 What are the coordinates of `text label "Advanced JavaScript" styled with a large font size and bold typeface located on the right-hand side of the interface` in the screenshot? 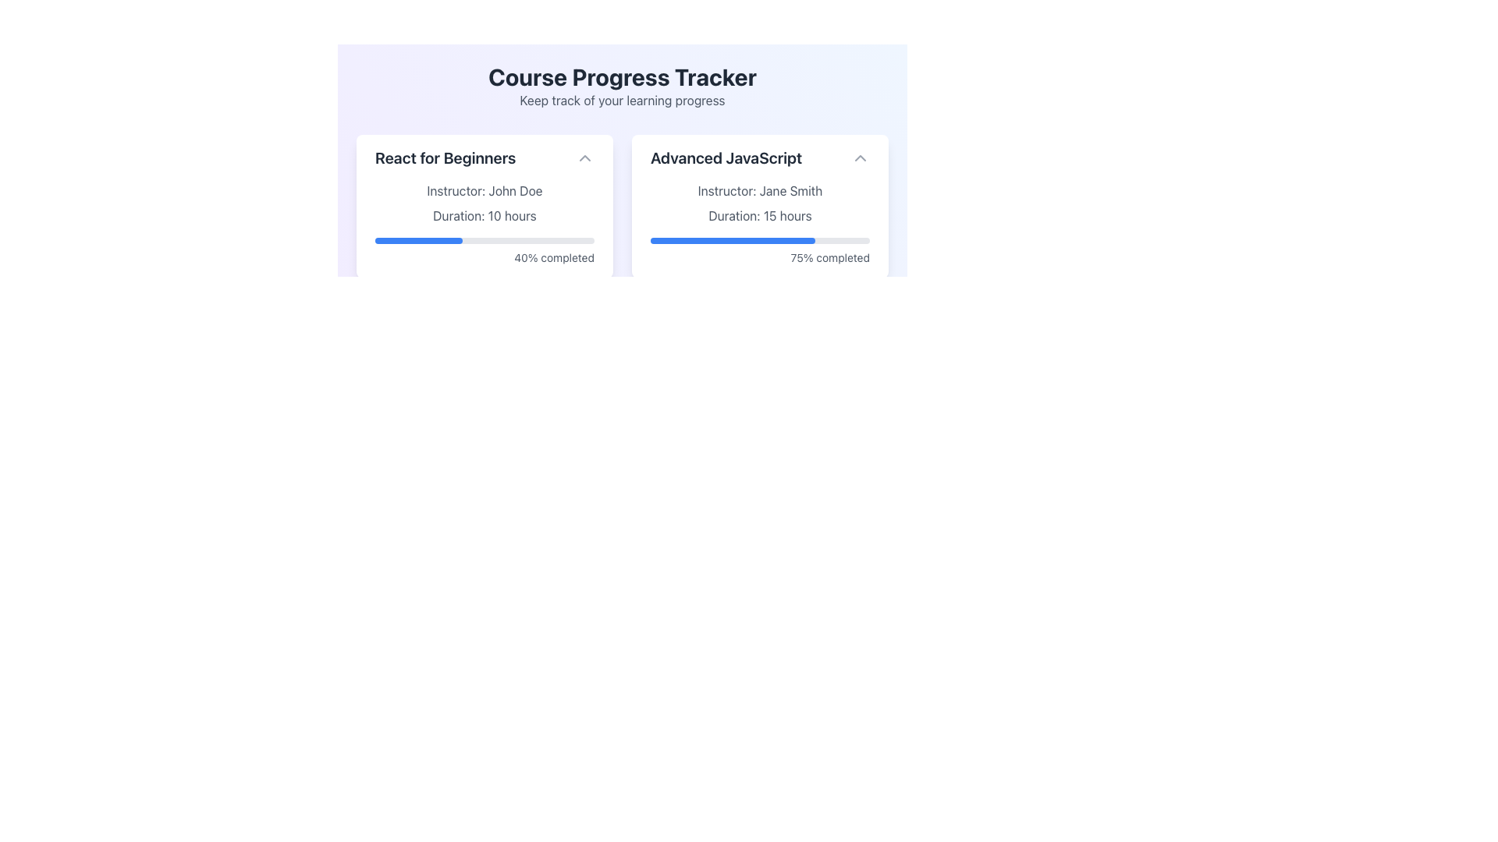 It's located at (726, 158).